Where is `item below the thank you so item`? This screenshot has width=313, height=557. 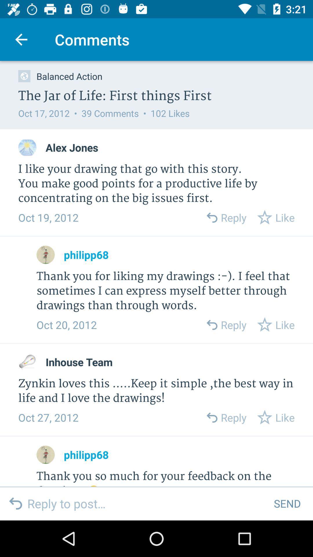
item below the thank you so item is located at coordinates (146, 503).